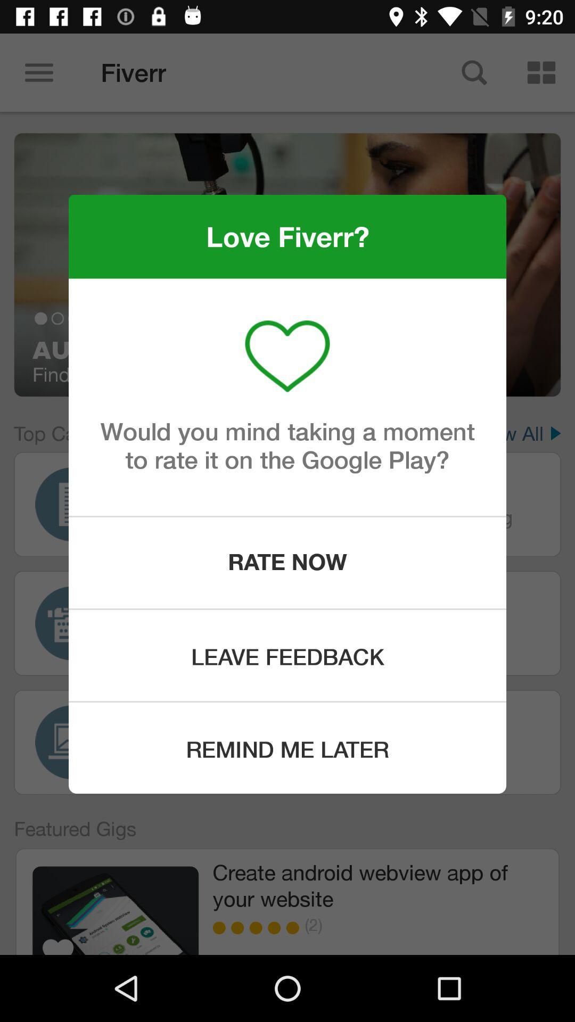 The width and height of the screenshot is (575, 1022). What do you see at coordinates (287, 562) in the screenshot?
I see `the rate now icon` at bounding box center [287, 562].